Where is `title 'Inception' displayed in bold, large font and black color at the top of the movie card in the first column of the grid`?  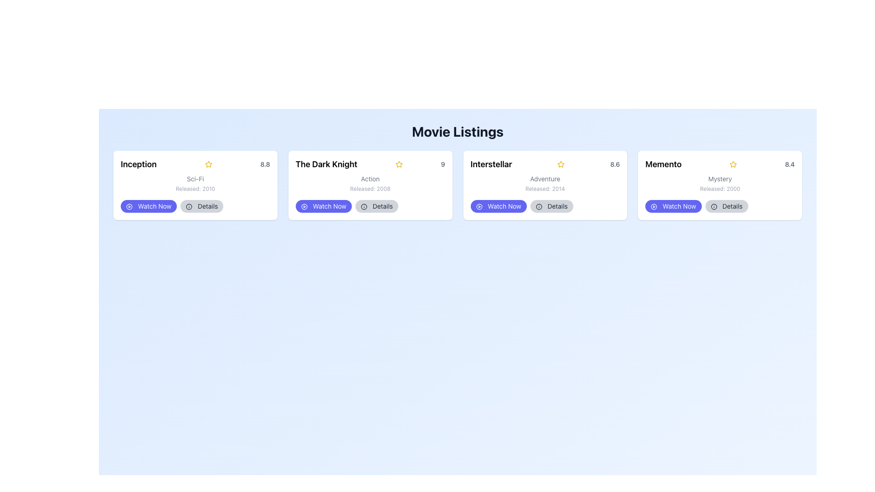 title 'Inception' displayed in bold, large font and black color at the top of the movie card in the first column of the grid is located at coordinates (138, 164).